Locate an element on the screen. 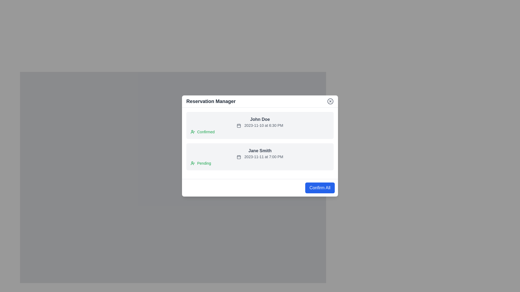 This screenshot has width=520, height=292. the circular button with an 'X' icon located at the top-right corner of the modal interface adjacent to 'Reservation Manager' is located at coordinates (330, 101).